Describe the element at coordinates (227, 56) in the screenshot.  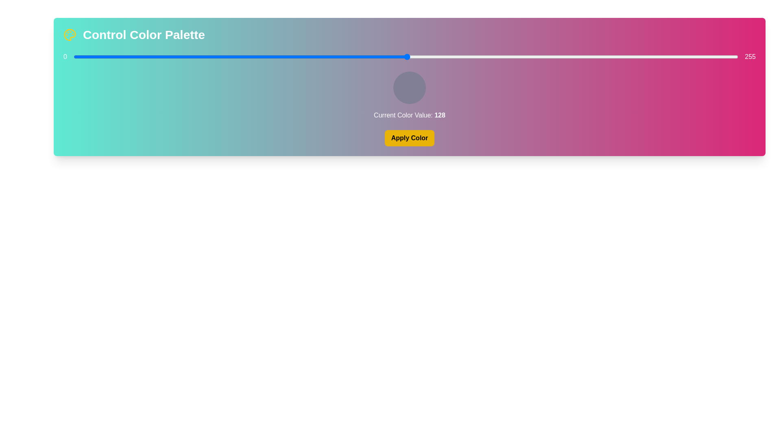
I see `the color slider to set the color value to 59` at that location.